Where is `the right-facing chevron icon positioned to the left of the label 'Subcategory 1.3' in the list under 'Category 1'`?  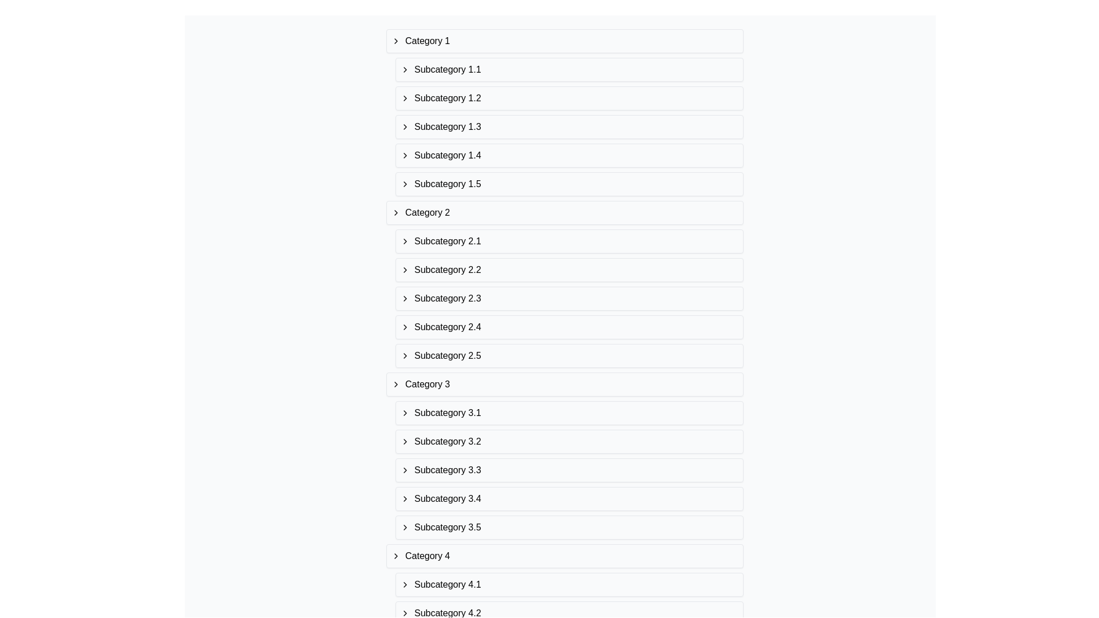
the right-facing chevron icon positioned to the left of the label 'Subcategory 1.3' in the list under 'Category 1' is located at coordinates (405, 127).